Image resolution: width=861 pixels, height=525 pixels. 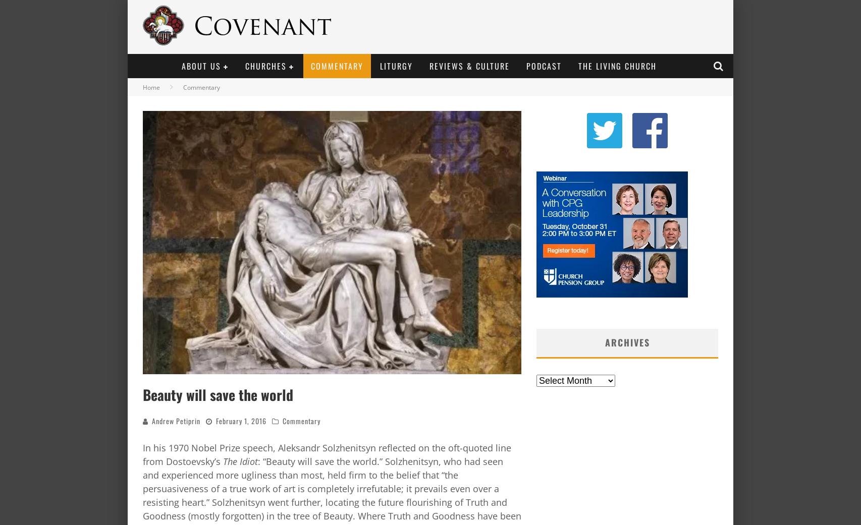 What do you see at coordinates (217, 394) in the screenshot?
I see `'Beauty will save the world'` at bounding box center [217, 394].